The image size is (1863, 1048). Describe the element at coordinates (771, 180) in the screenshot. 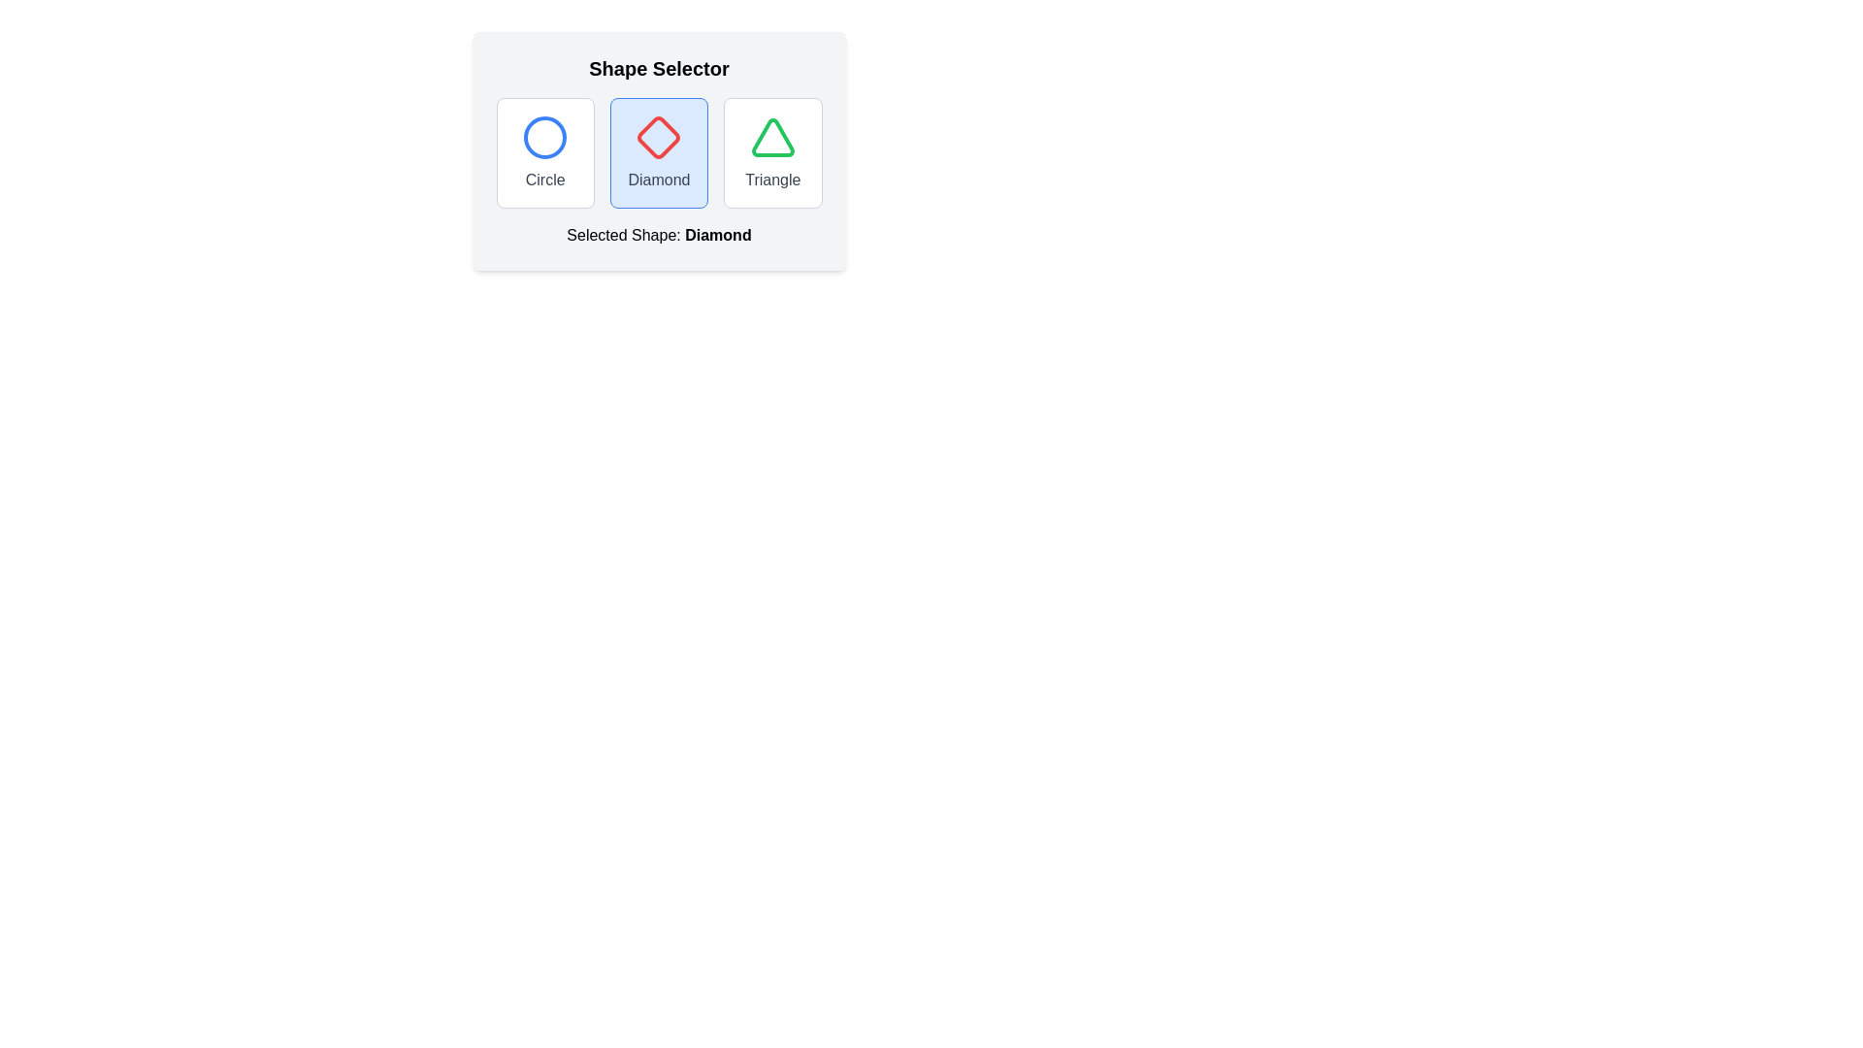

I see `the Text label that describes the shape in the third card of the shape selection row, which is positioned on the rightmost among 'Circle', 'Diamond', and 'Triangle'` at that location.